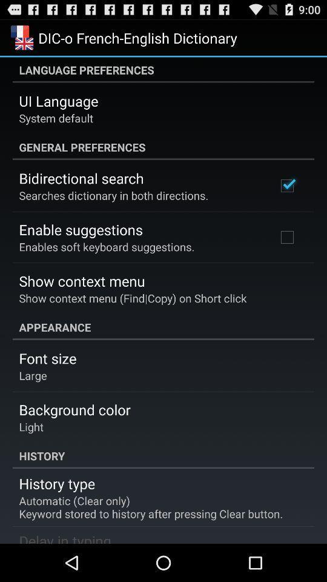 The width and height of the screenshot is (327, 582). Describe the element at coordinates (58, 100) in the screenshot. I see `the ui language` at that location.